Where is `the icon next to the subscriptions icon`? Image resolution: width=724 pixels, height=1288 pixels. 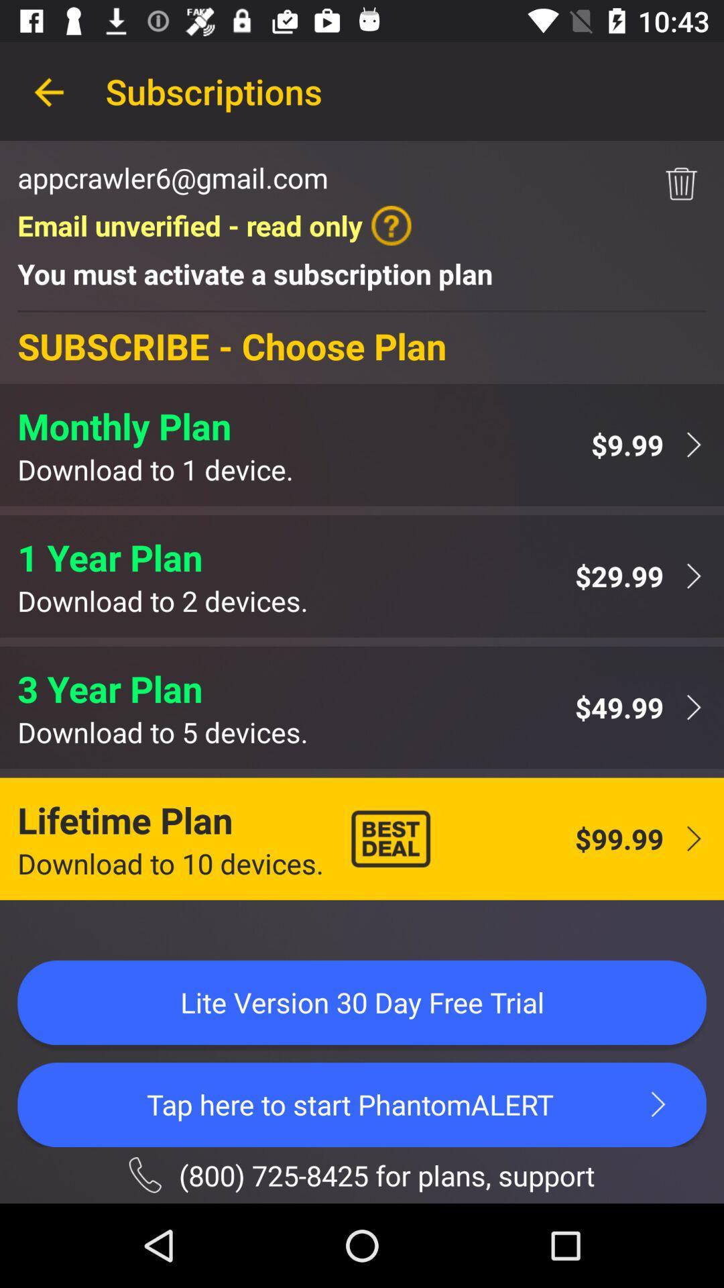
the icon next to the subscriptions icon is located at coordinates (48, 91).